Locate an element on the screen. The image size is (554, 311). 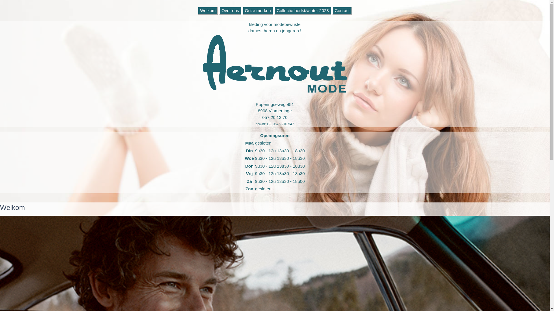
'Contact' is located at coordinates (342, 10).